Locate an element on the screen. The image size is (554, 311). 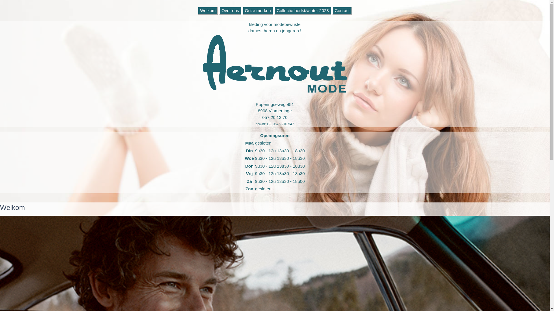
'Contact' is located at coordinates (342, 10).